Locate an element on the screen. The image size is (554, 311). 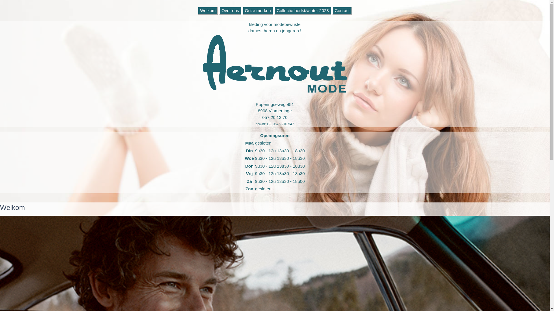
'Contact' is located at coordinates (342, 10).